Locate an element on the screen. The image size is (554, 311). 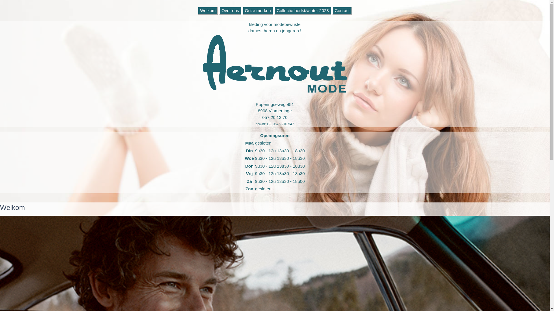
'Contact' is located at coordinates (342, 10).